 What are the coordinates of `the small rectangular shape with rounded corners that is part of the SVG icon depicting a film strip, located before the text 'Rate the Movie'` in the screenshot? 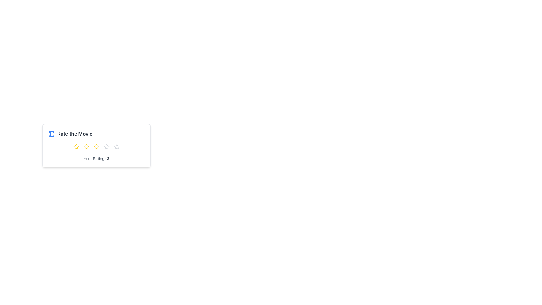 It's located at (51, 134).